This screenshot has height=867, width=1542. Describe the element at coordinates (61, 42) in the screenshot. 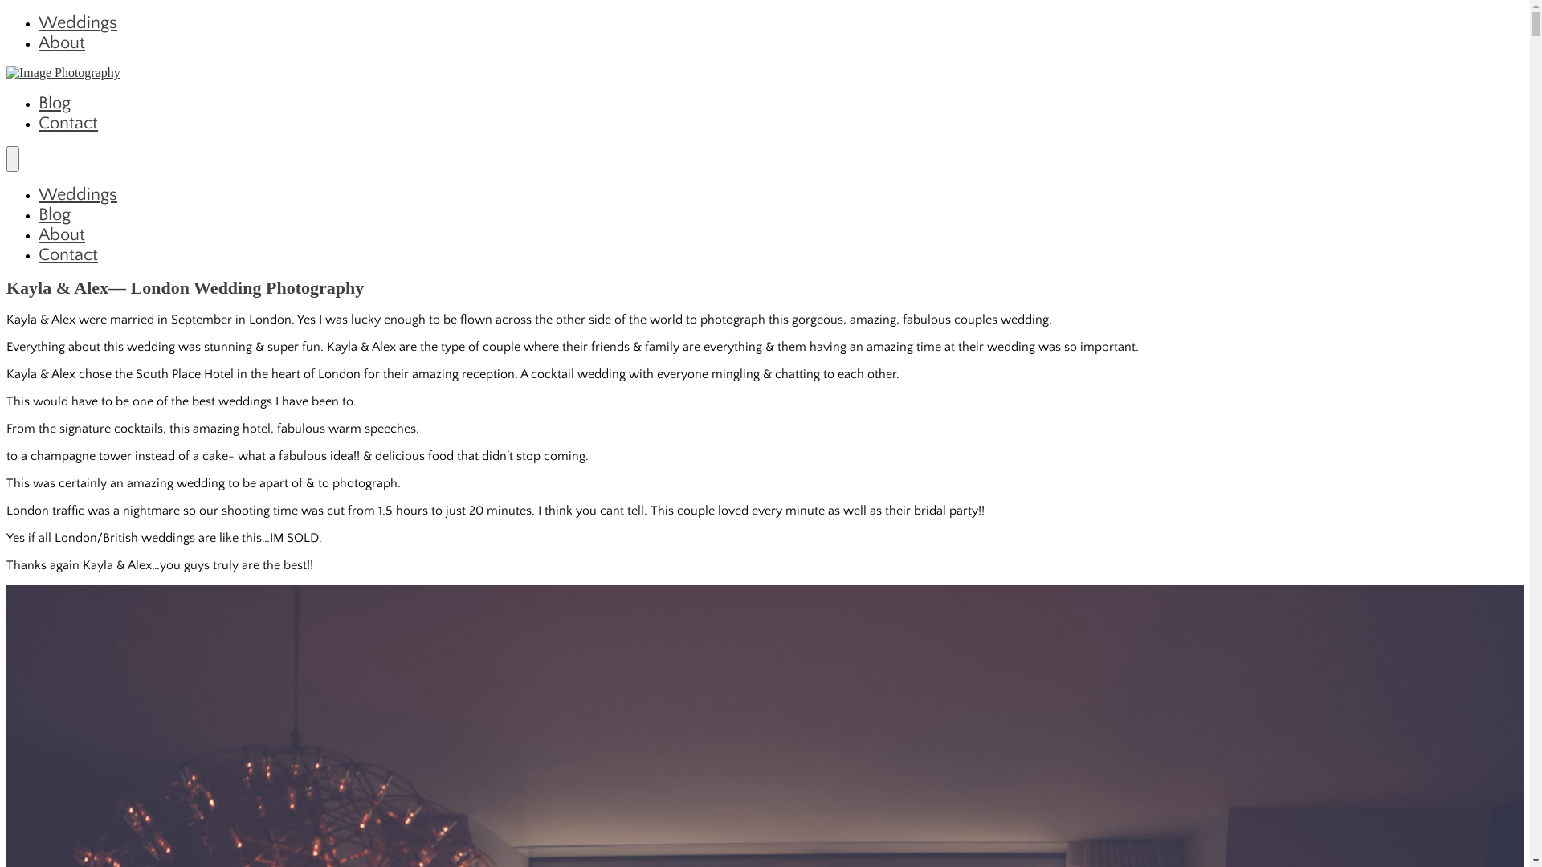

I see `'About'` at that location.